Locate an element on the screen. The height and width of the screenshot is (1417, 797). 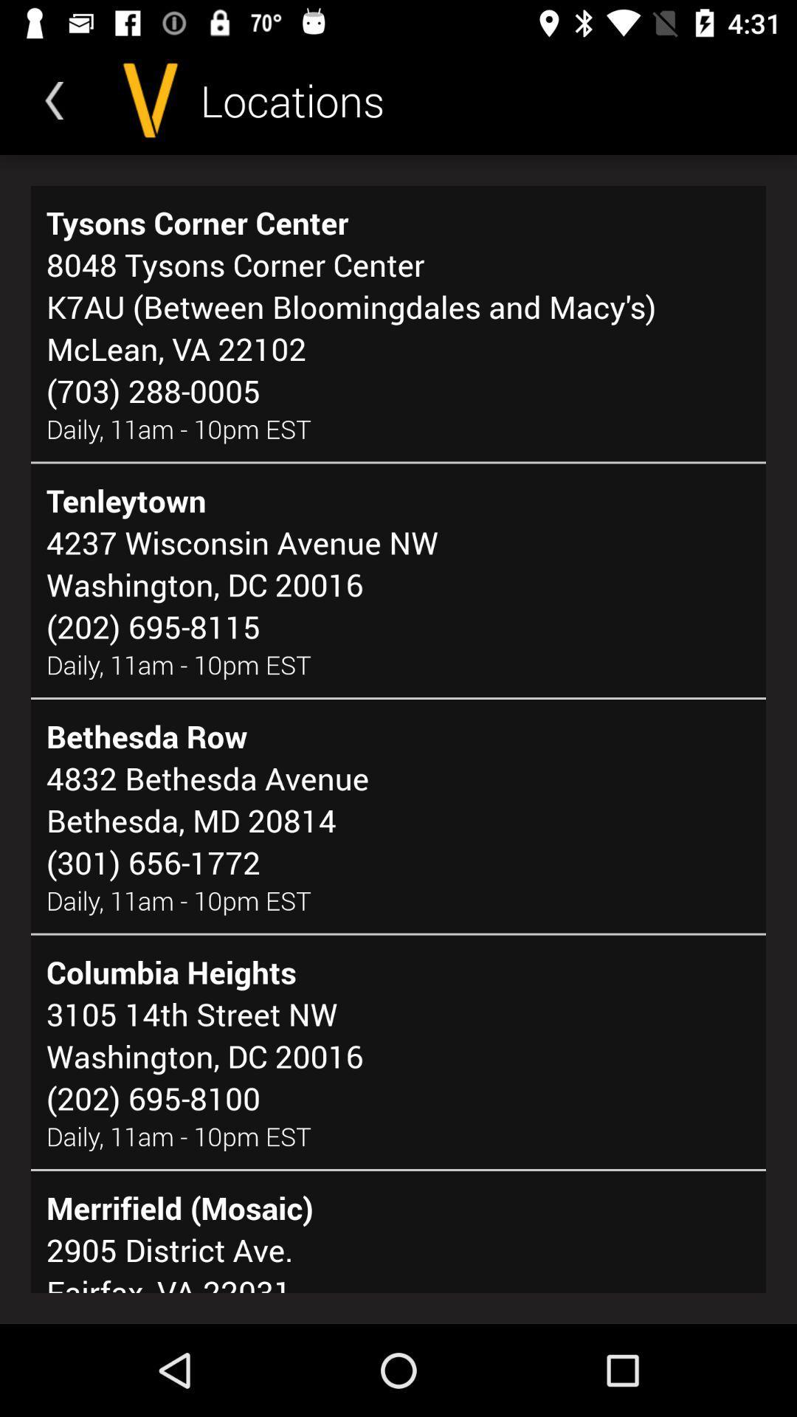
the icon above the tysons corner center item is located at coordinates (53, 100).